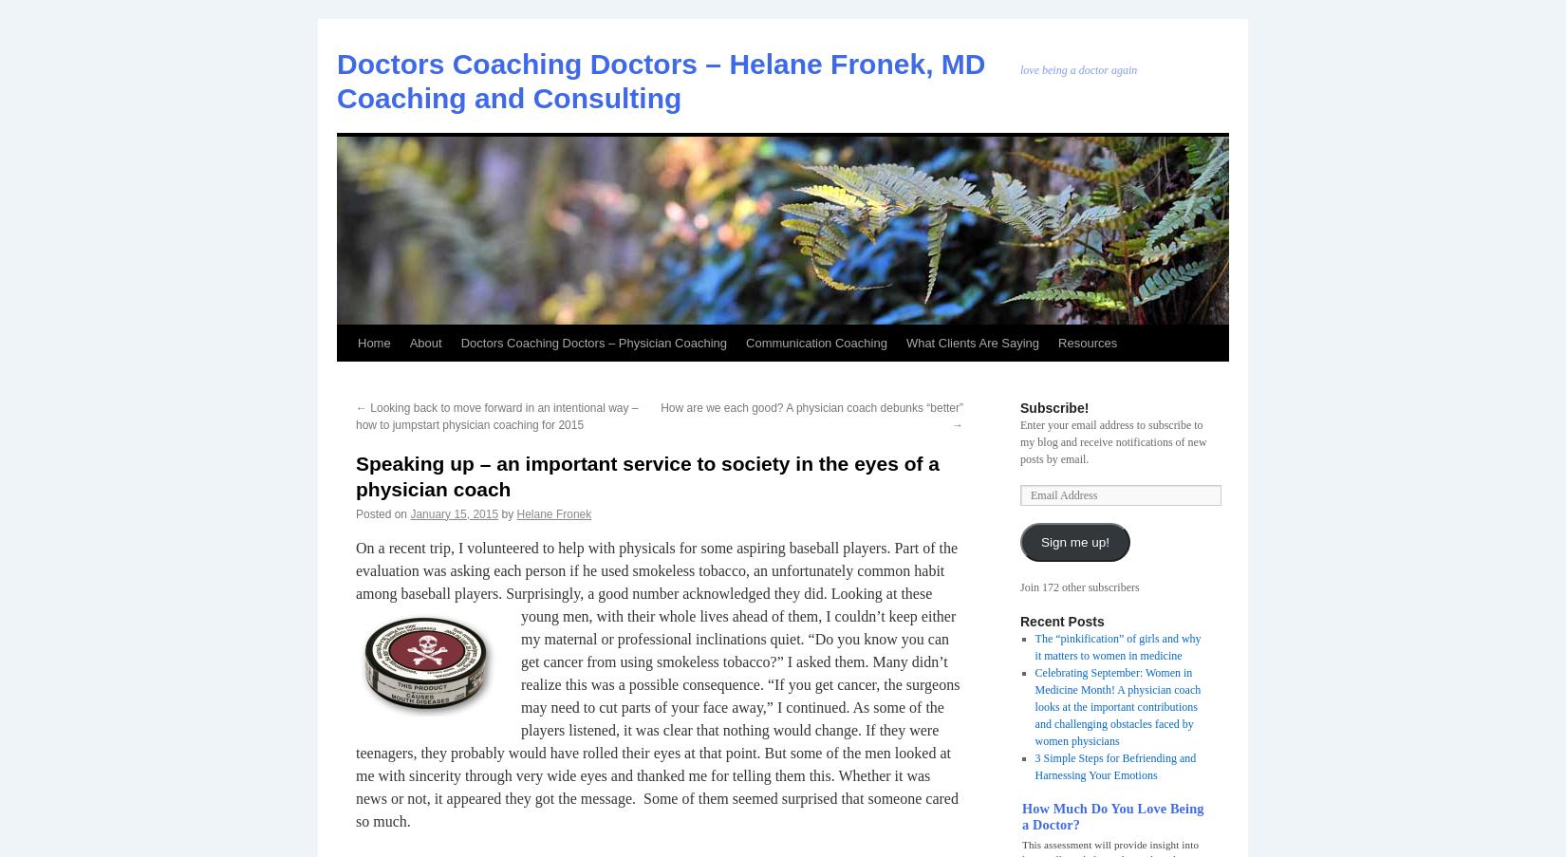 The width and height of the screenshot is (1566, 857). Describe the element at coordinates (453, 512) in the screenshot. I see `'January 15, 2015'` at that location.